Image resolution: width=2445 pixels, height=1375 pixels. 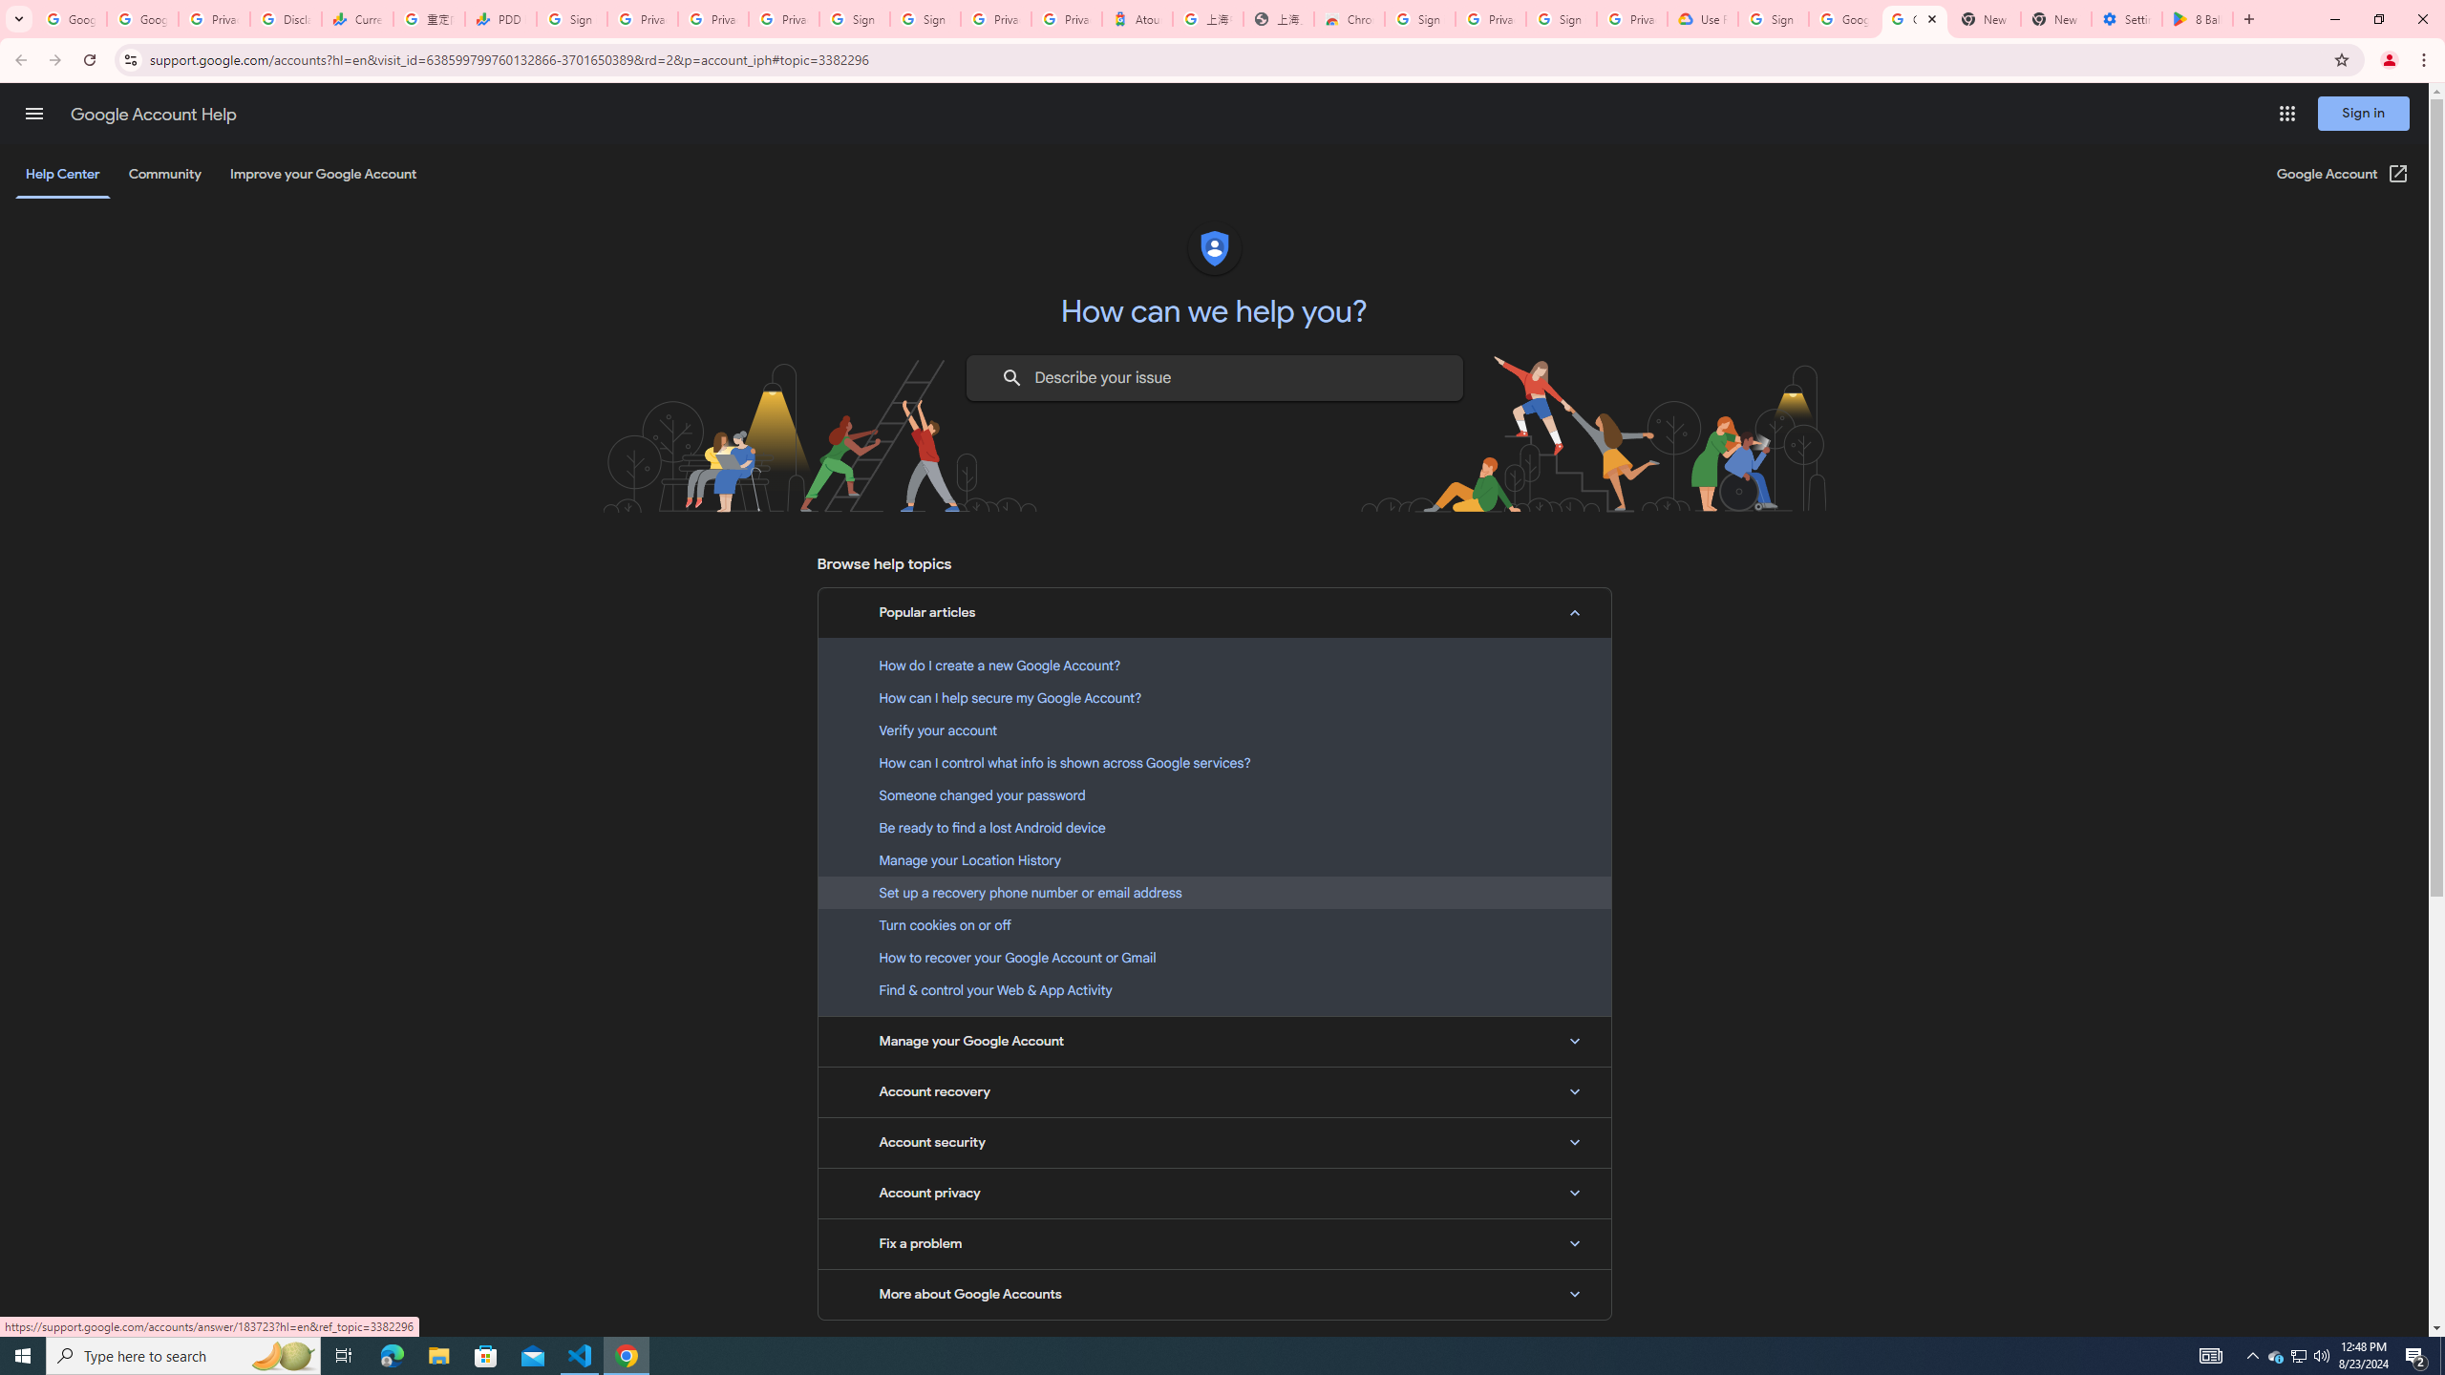 I want to click on 'Account recovery', so click(x=1214, y=1090).